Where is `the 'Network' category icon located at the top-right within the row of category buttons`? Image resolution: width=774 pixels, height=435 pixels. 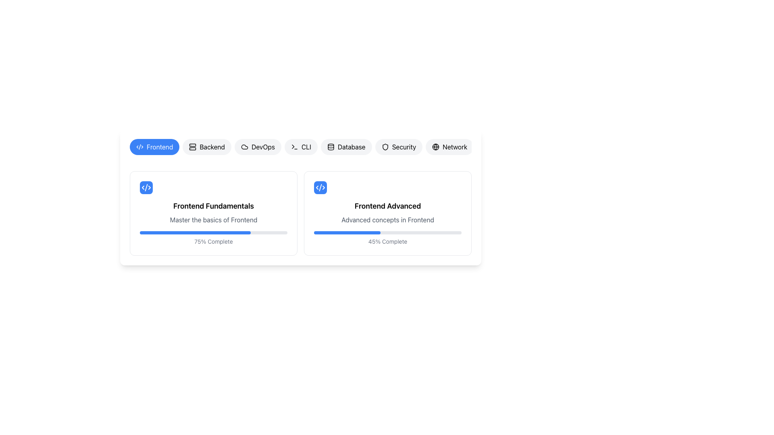
the 'Network' category icon located at the top-right within the row of category buttons is located at coordinates (435, 147).